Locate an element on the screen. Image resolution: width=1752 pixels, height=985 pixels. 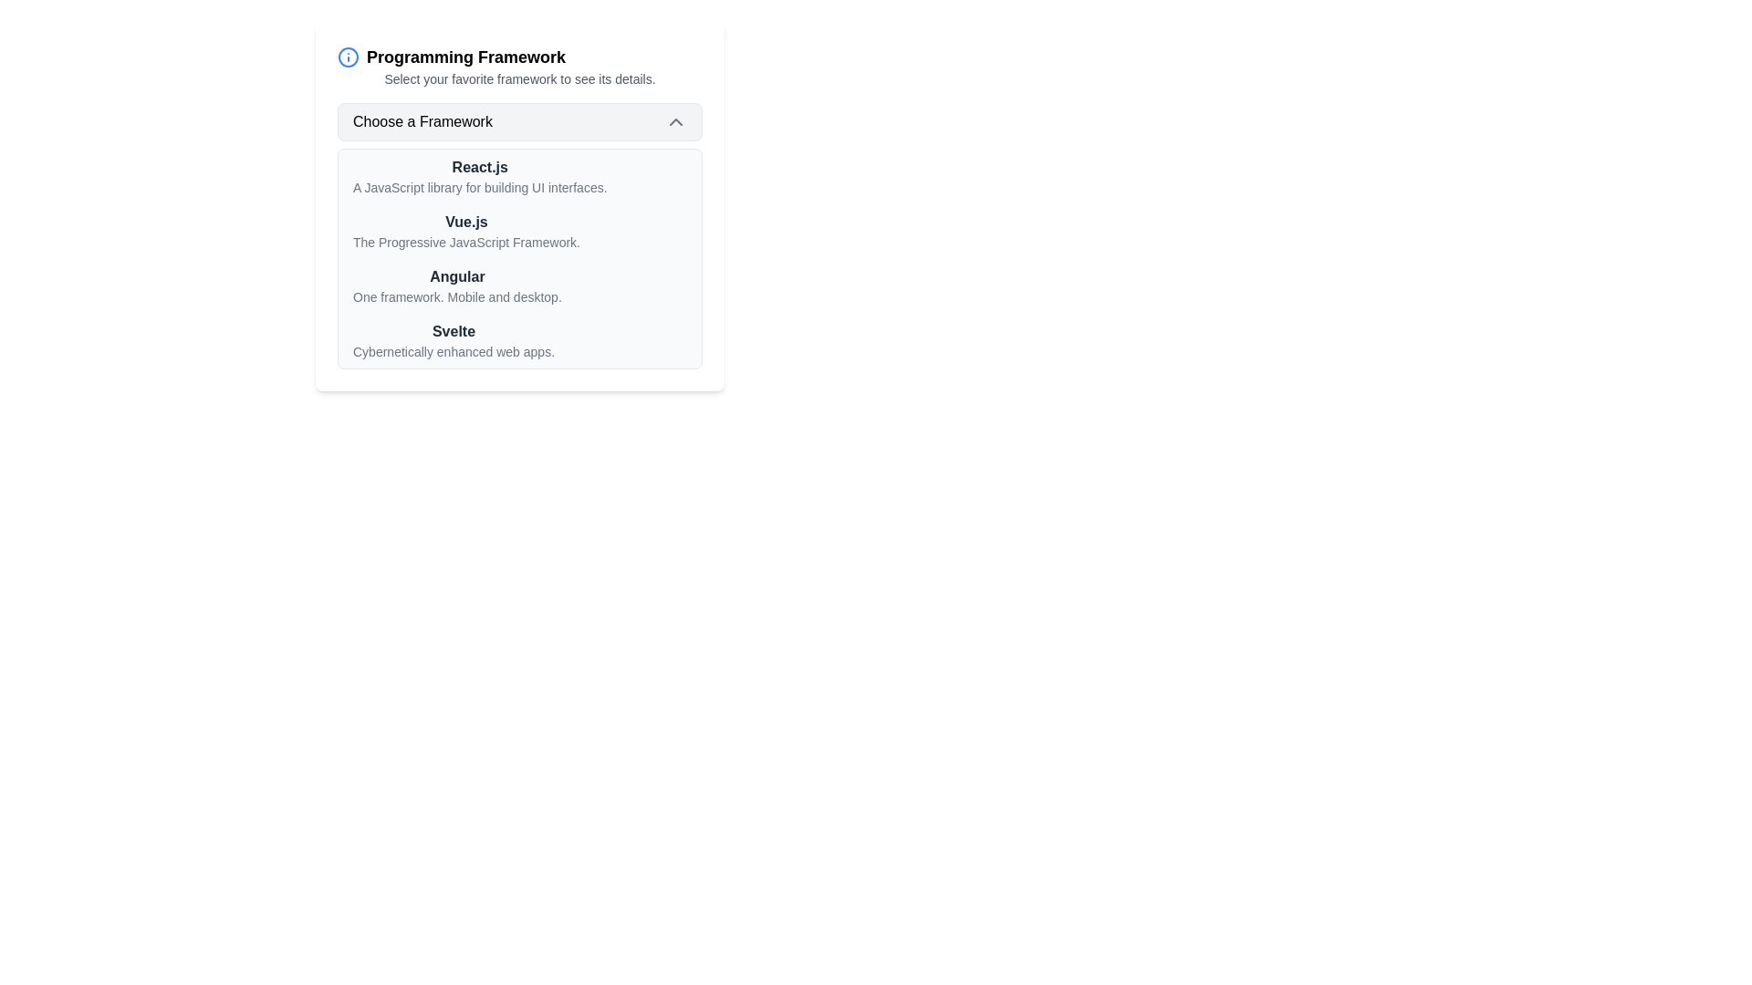
the Informational display showcasing information about the Angular framework, which is positioned between 'Vue.js' and 'Svelte' in the vertical list of programming frameworks is located at coordinates (457, 285).